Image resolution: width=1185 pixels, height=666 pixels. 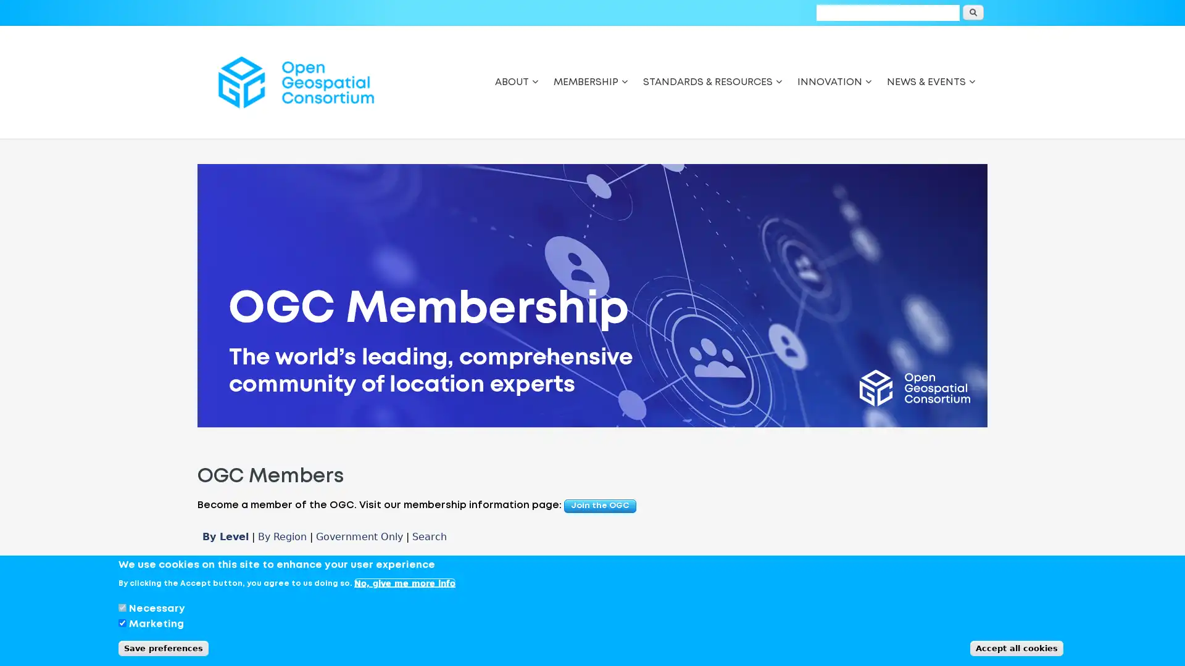 What do you see at coordinates (973, 12) in the screenshot?
I see `Search` at bounding box center [973, 12].